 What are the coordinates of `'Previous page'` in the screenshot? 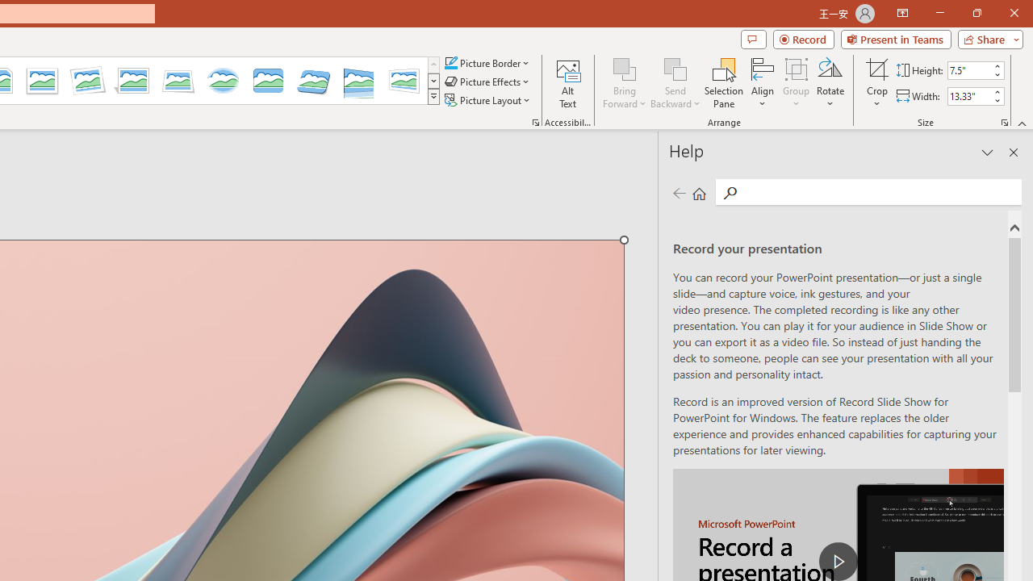 It's located at (679, 192).